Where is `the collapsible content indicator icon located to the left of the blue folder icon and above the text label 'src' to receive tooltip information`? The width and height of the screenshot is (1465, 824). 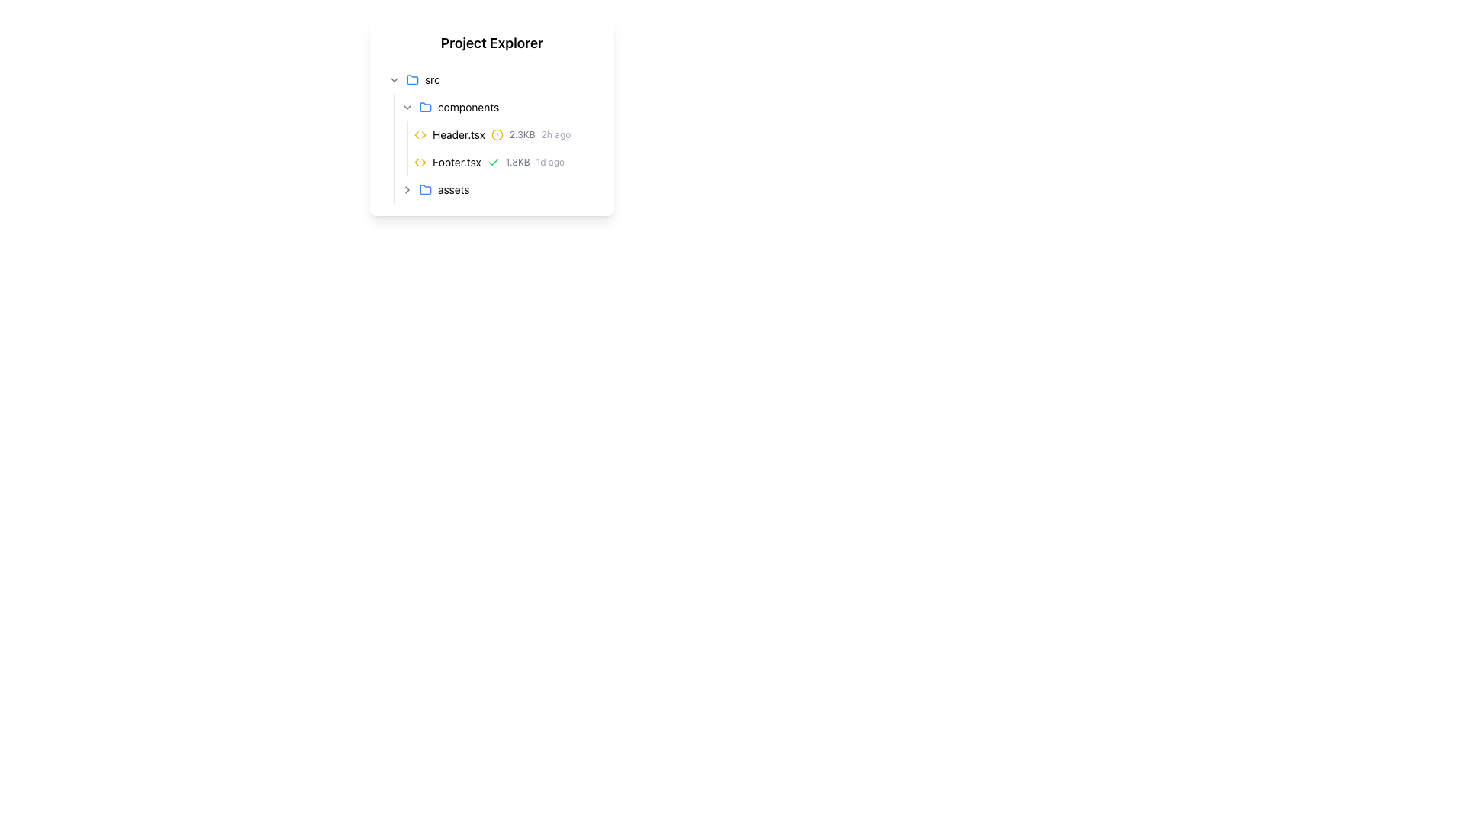 the collapsible content indicator icon located to the left of the blue folder icon and above the text label 'src' to receive tooltip information is located at coordinates (394, 79).